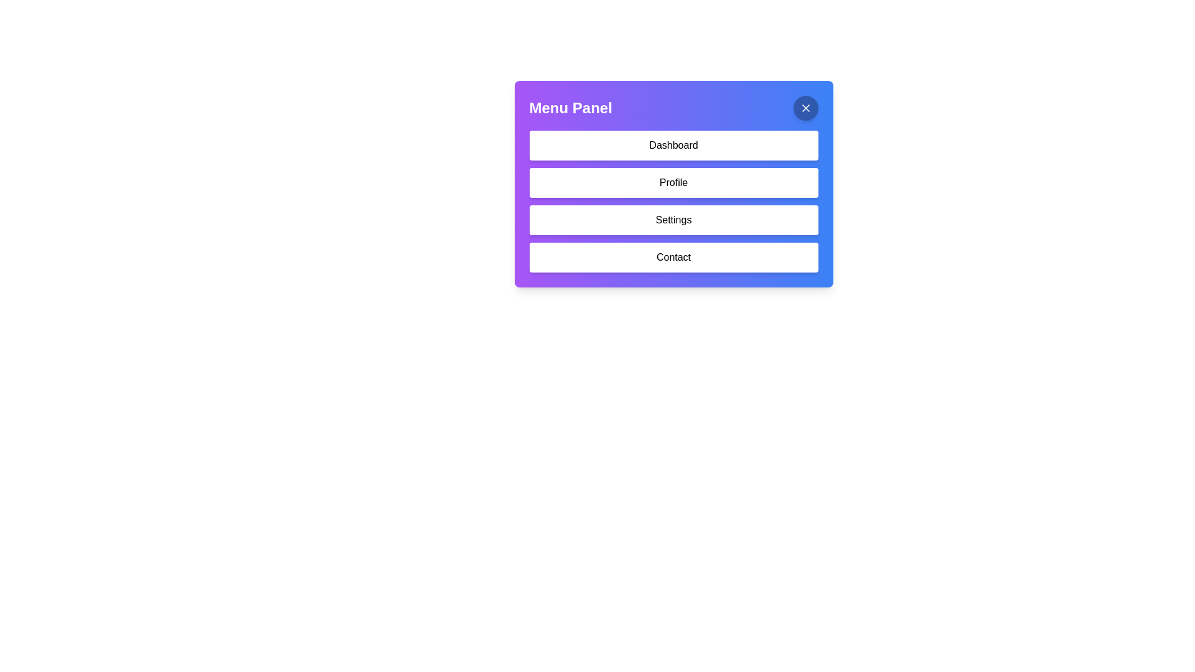 The image size is (1195, 672). I want to click on the 'Profile' button, which is a rectangular button with a white background and black text, located in the vertical menu panel, positioned below the 'Dashboard' button, so click(673, 182).